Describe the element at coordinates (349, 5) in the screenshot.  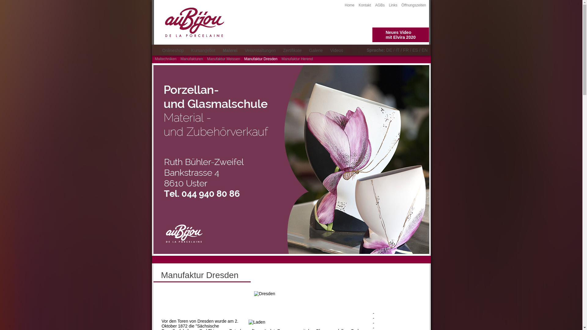
I see `'Home'` at that location.